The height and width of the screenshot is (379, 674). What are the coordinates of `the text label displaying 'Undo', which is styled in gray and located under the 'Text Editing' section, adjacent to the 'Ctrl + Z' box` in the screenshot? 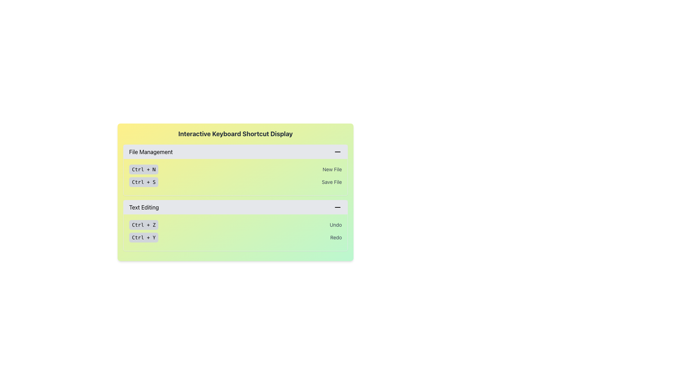 It's located at (335, 225).